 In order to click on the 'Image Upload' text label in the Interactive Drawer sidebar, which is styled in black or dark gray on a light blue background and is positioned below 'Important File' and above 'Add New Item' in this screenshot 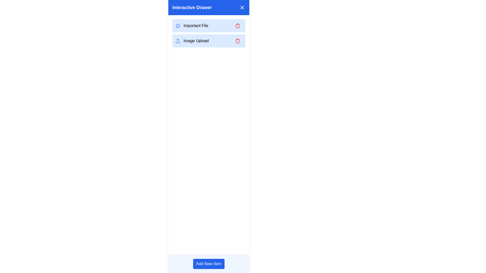, I will do `click(196, 41)`.